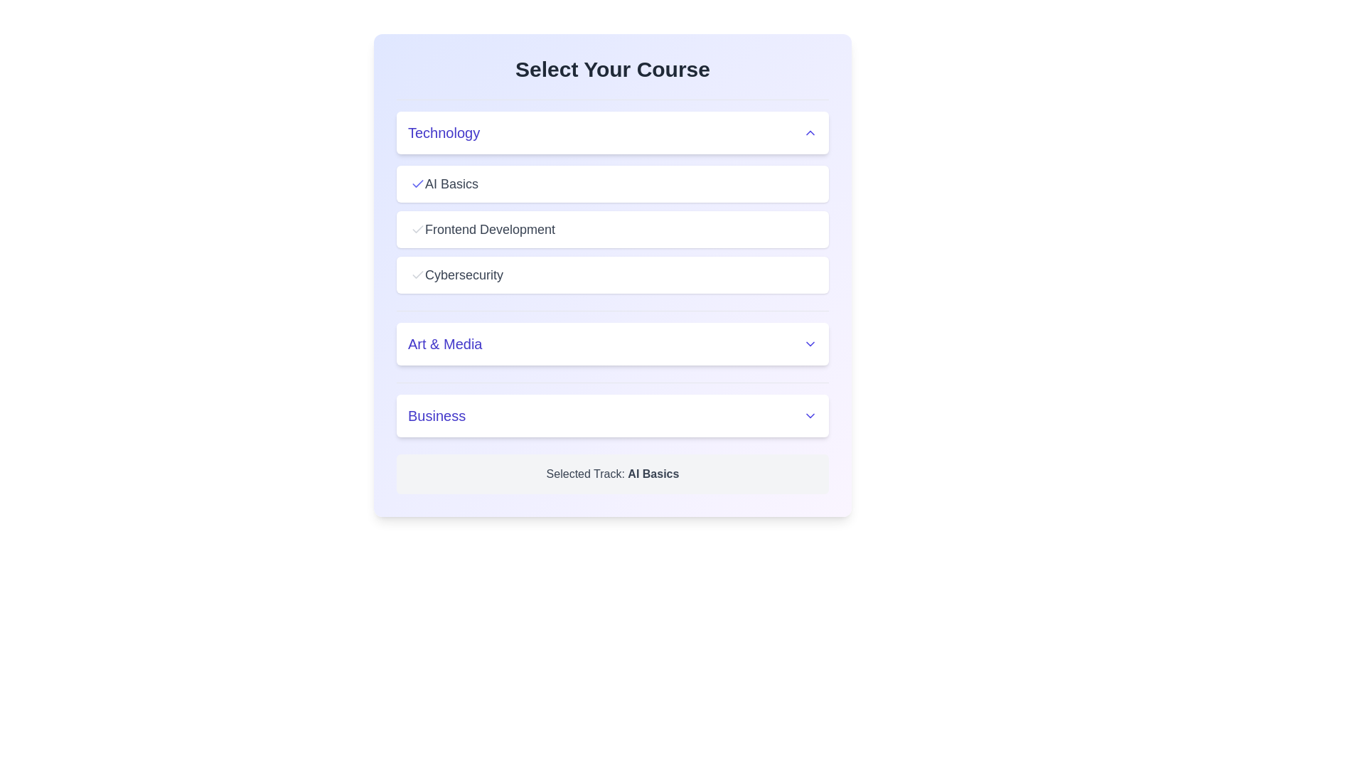  I want to click on the 'Cybersecurity' text label within the third item of the 'Technology' section in the course selection menu, so click(464, 274).